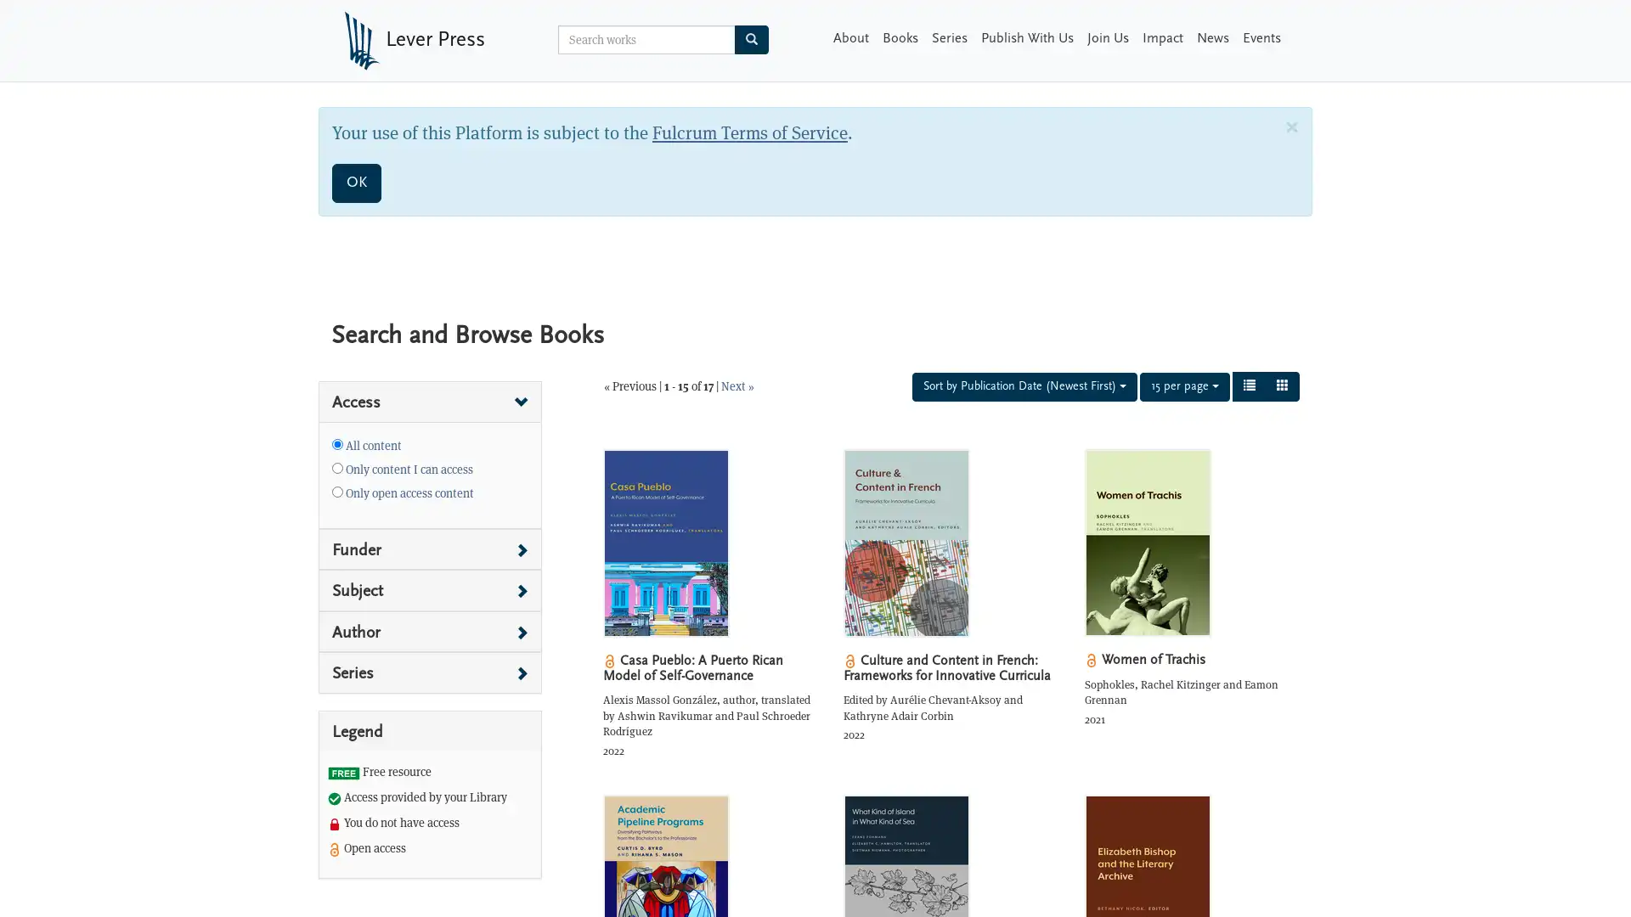  I want to click on Filter search results by Subject, so click(429, 588).